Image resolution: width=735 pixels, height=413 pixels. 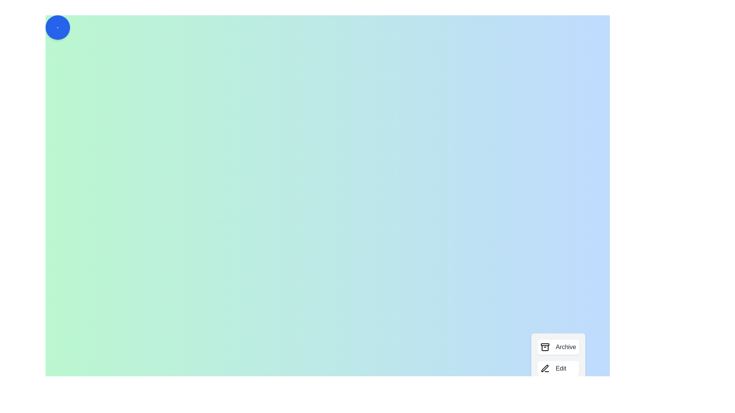 I want to click on the 'Archive' text label which is styled with a medium-weight gray font and is part of a button-like group, located near the bottom-right corner of the interface, so click(x=566, y=347).